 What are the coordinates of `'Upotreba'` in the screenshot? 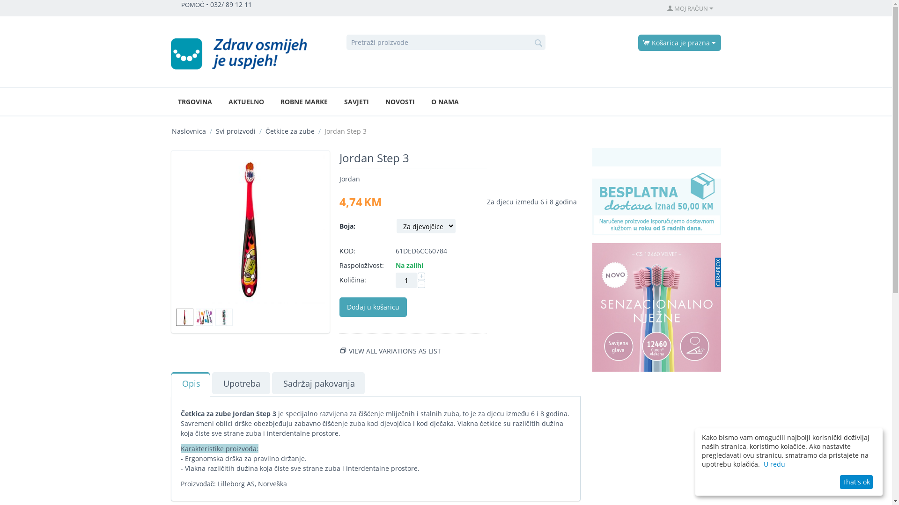 It's located at (213, 383).